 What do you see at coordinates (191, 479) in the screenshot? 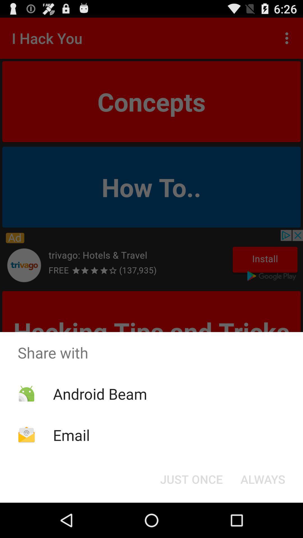
I see `icon at the bottom` at bounding box center [191, 479].